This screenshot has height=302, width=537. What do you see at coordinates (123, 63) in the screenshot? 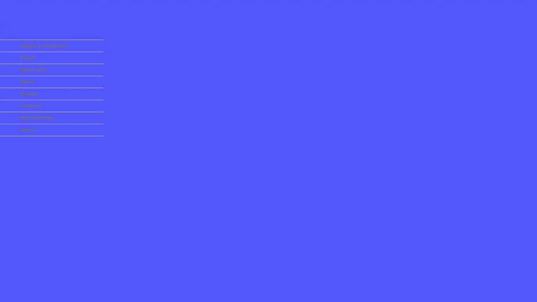
I see `U+00DF` at bounding box center [123, 63].